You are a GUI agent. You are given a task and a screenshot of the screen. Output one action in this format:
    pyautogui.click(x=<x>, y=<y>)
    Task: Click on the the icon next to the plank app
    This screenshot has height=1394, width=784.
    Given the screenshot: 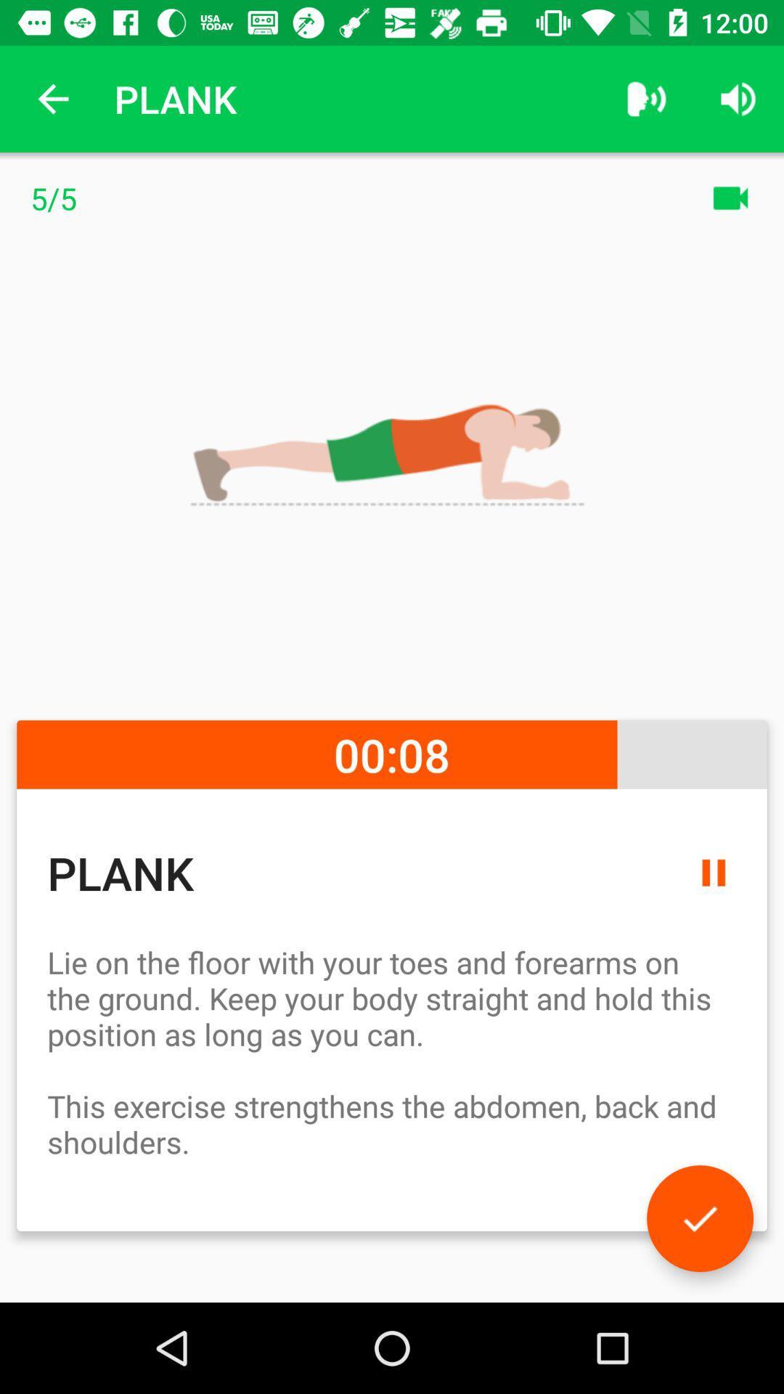 What is the action you would take?
    pyautogui.click(x=52, y=98)
    